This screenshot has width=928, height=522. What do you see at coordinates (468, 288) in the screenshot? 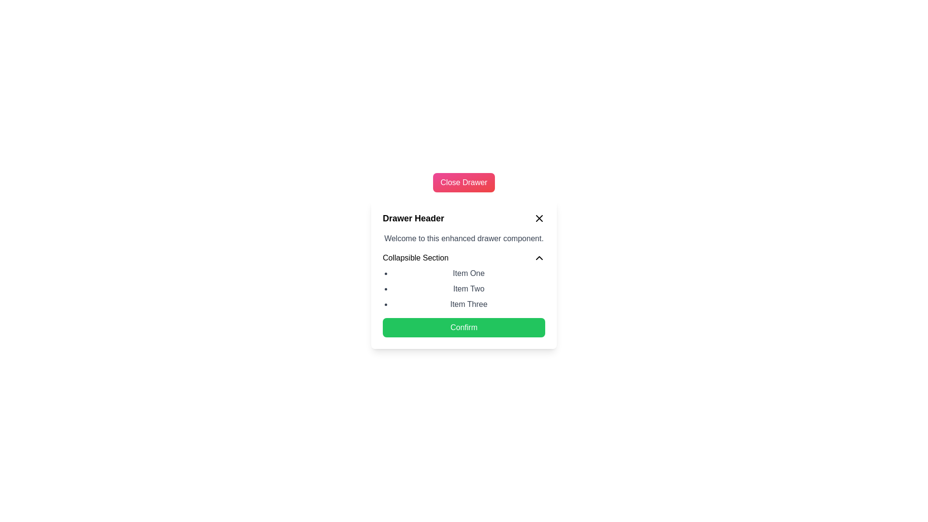
I see `the second item in the vertical list labeled 'Collapsible Section' within the drawer modal` at bounding box center [468, 288].